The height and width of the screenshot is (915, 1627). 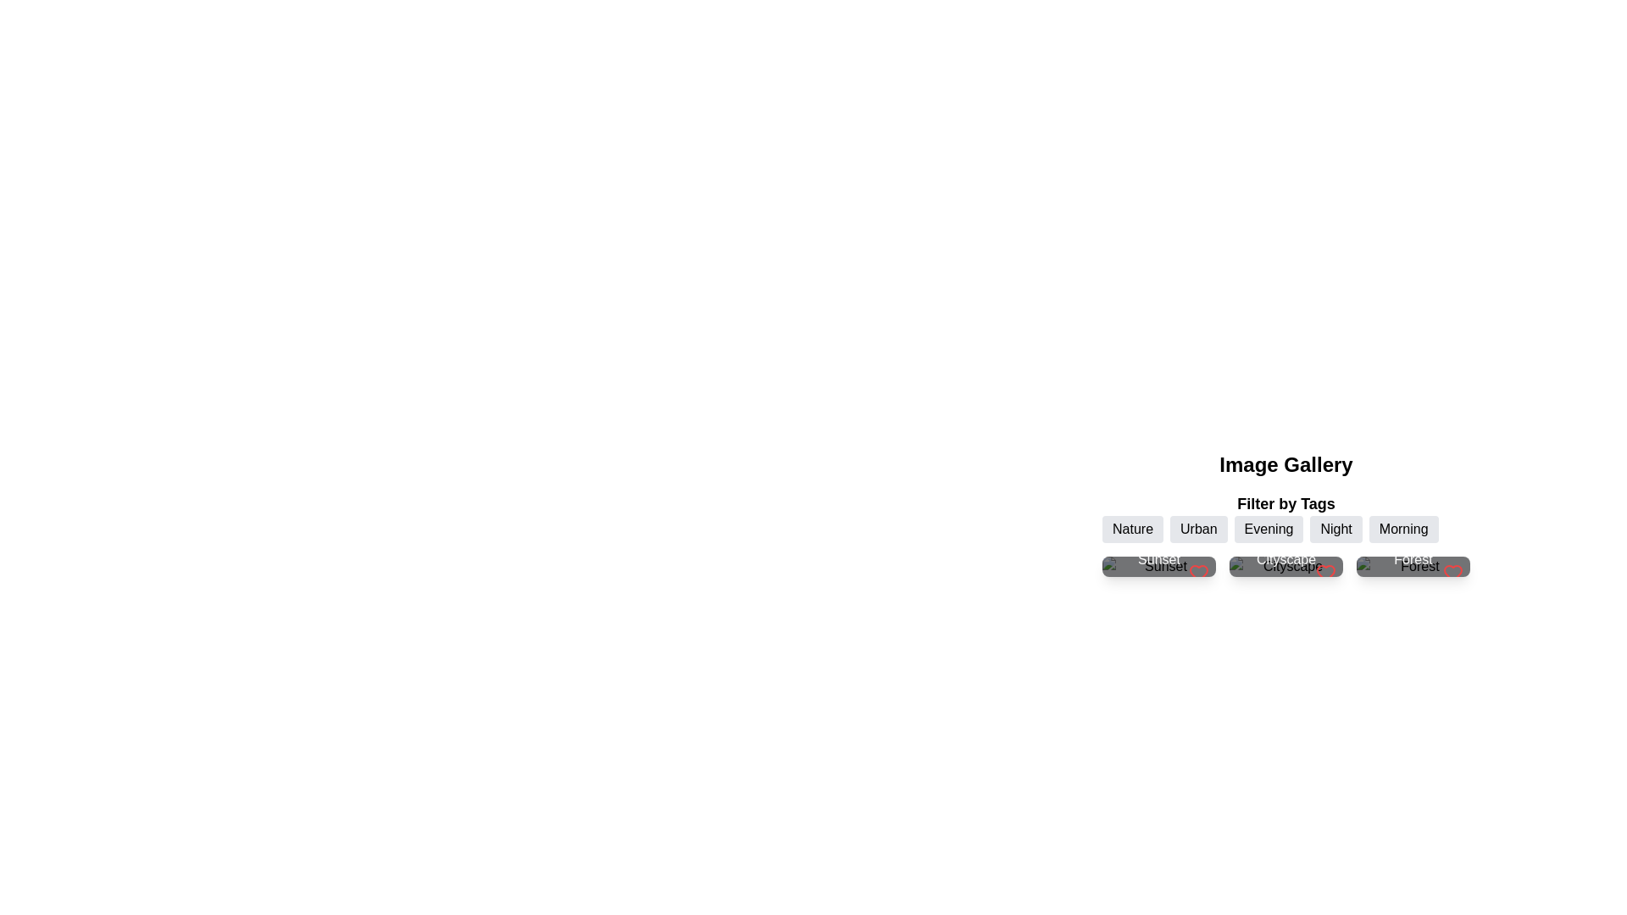 I want to click on the filter button for 'Evening' located in the 'Filter by Tags' section, so click(x=1269, y=528).